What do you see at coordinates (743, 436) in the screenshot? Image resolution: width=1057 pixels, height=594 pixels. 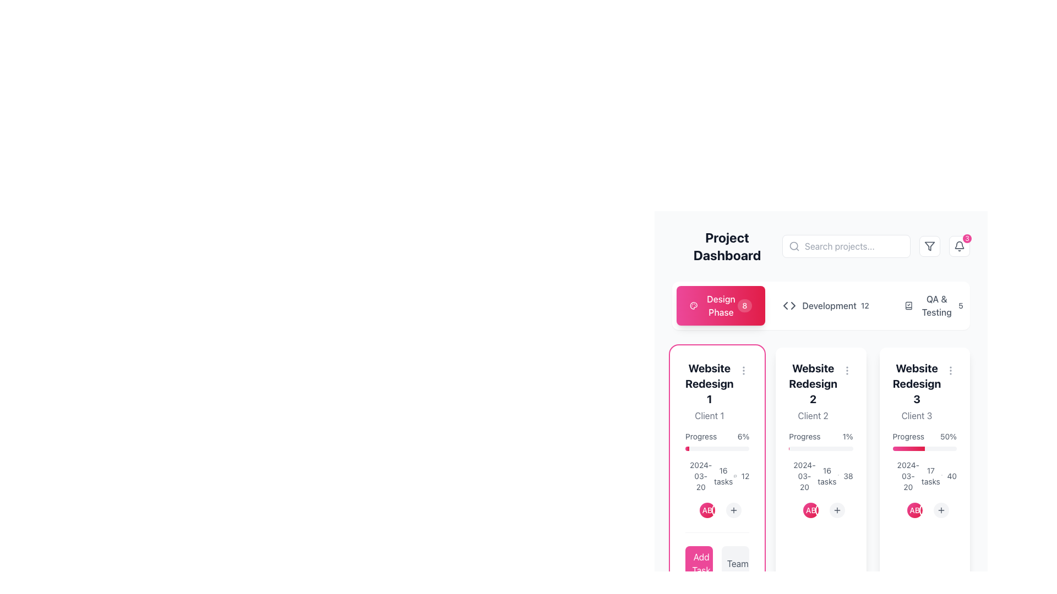 I see `the text display that shows the numeric percentage of progress completed, located next to the 'Progress' label in the 'Website Redesign 1' card` at bounding box center [743, 436].